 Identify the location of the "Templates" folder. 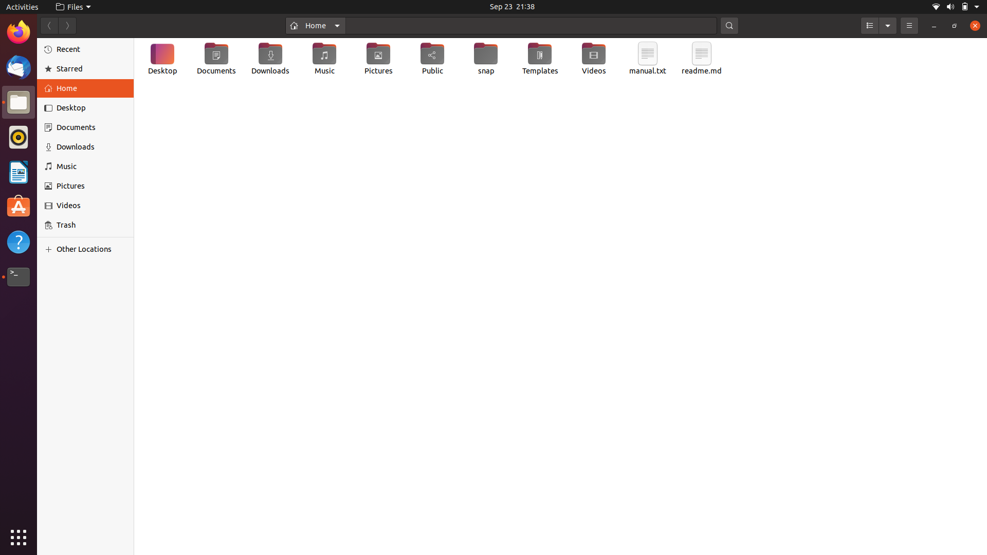
(539, 60).